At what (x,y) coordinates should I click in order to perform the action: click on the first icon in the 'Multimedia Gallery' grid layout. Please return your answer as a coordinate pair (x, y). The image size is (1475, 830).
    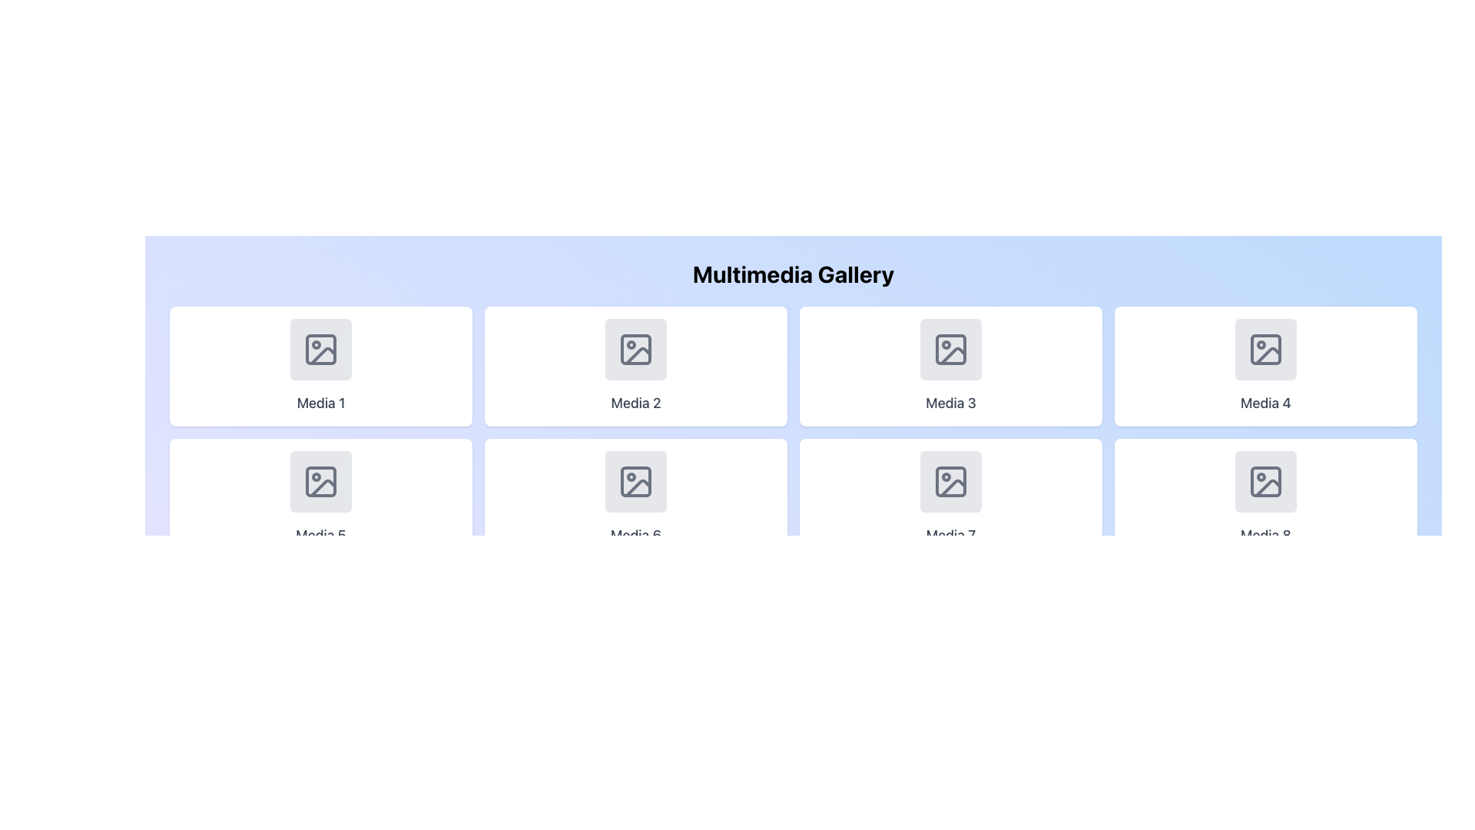
    Looking at the image, I should click on (320, 350).